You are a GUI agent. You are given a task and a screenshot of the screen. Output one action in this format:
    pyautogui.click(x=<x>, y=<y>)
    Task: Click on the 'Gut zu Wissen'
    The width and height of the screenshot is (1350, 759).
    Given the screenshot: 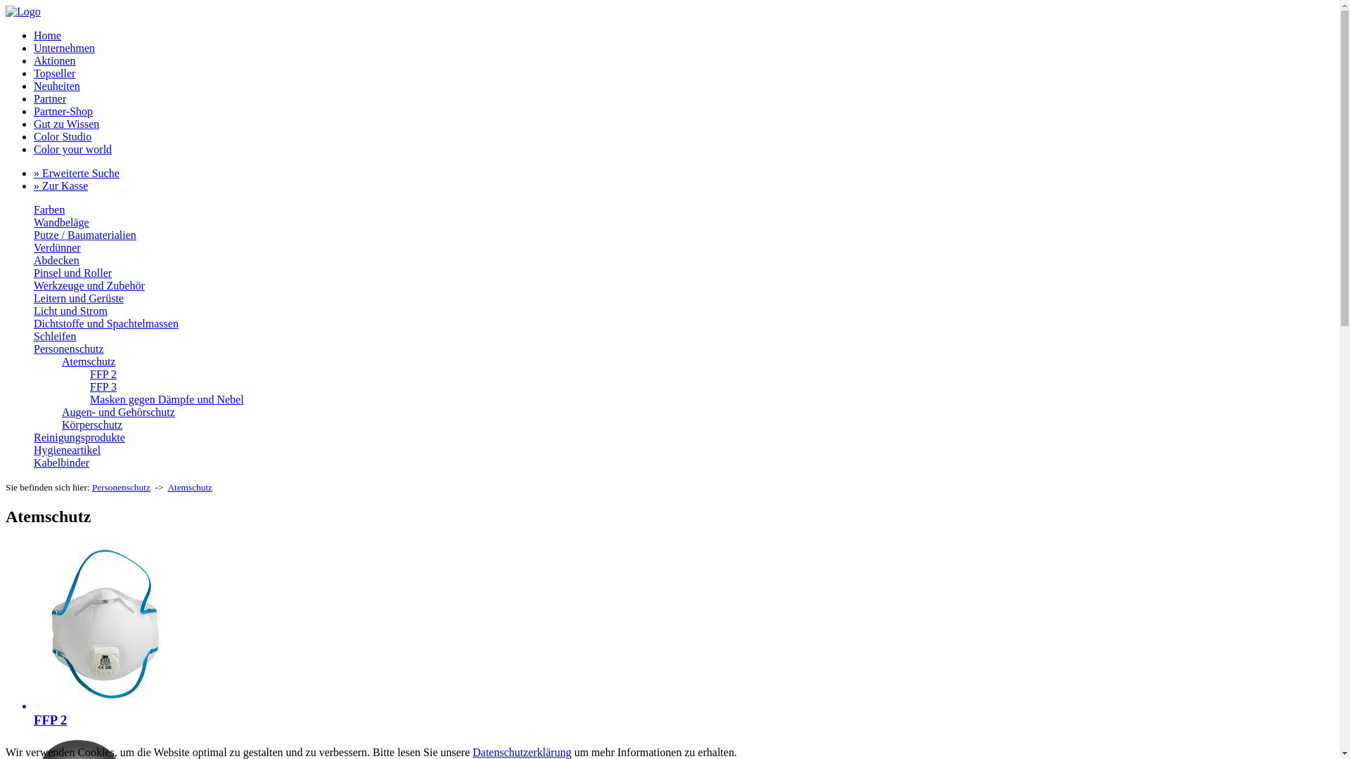 What is the action you would take?
    pyautogui.click(x=65, y=123)
    